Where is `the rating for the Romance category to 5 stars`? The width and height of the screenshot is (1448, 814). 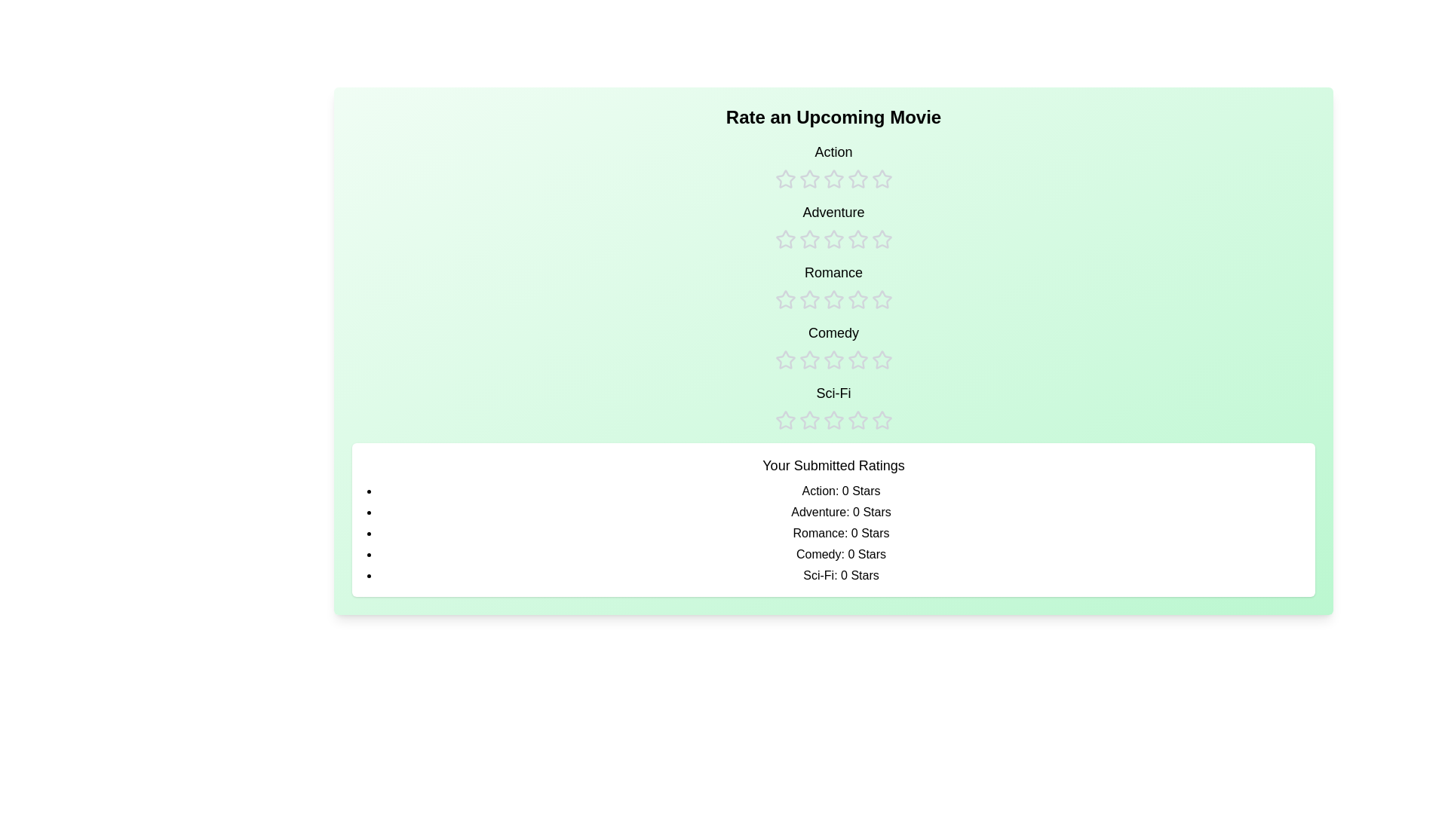
the rating for the Romance category to 5 stars is located at coordinates (882, 286).